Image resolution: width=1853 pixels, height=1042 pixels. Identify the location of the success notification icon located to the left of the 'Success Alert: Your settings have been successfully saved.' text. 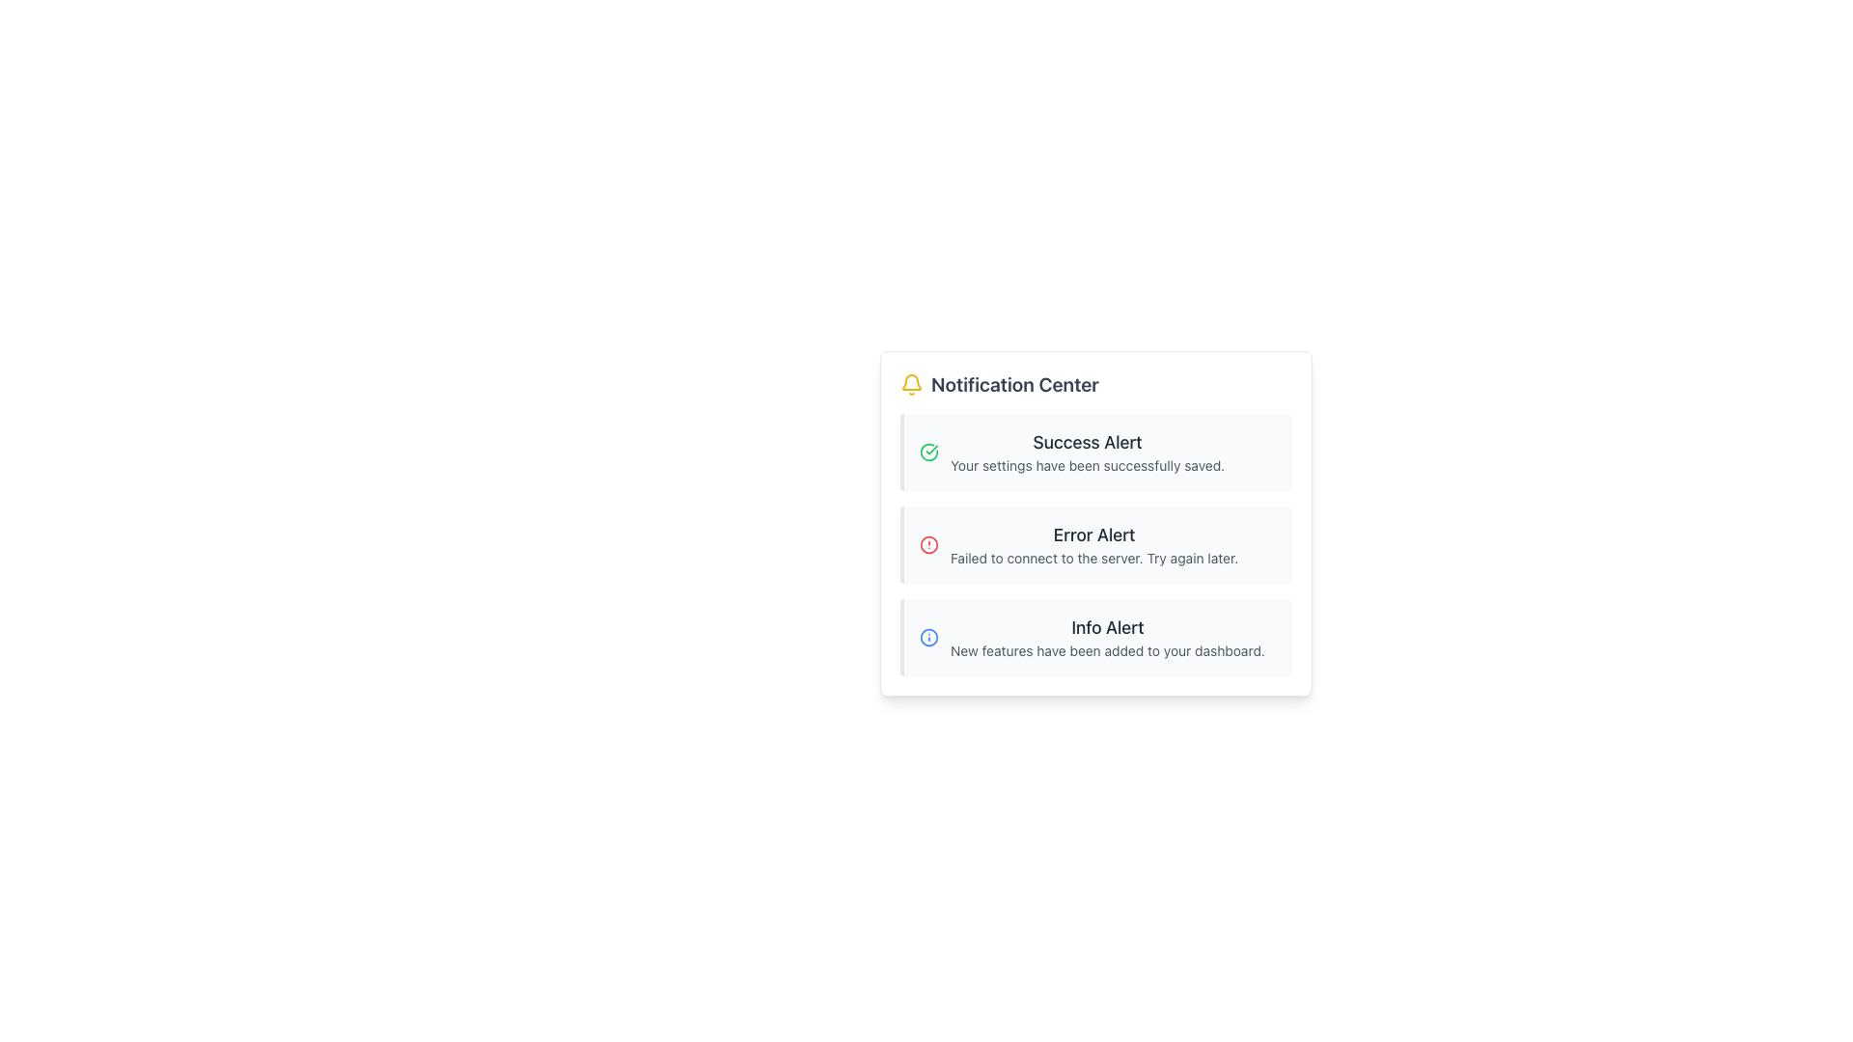
(929, 452).